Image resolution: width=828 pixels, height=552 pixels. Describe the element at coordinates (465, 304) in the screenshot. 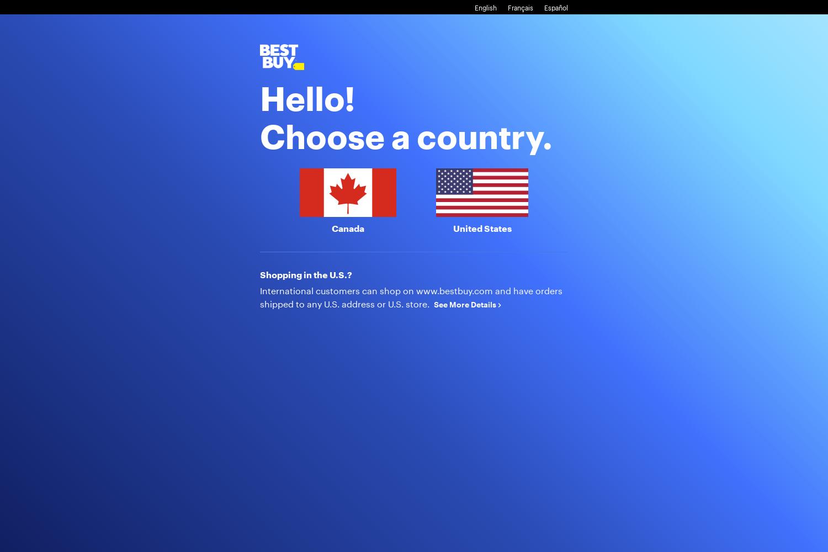

I see `'See More Details'` at that location.